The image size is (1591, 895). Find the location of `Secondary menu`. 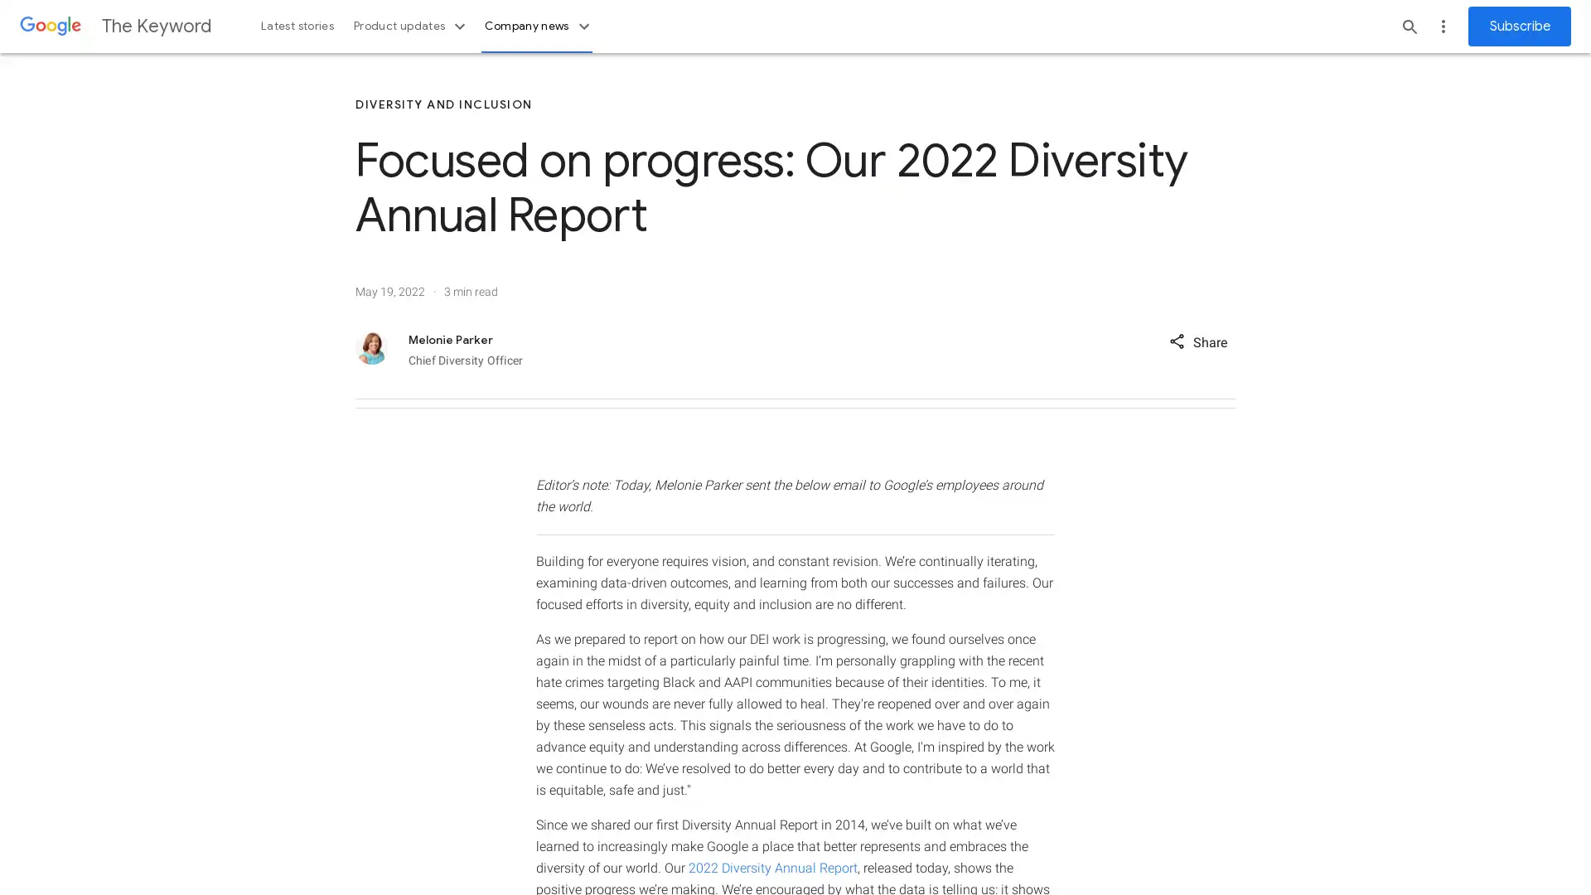

Secondary menu is located at coordinates (1443, 26).